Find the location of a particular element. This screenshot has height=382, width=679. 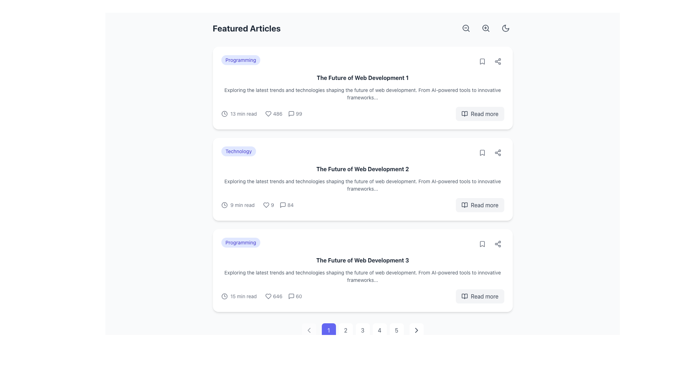

the numerical text '646' which is displayed in a small-sized, light gray font and is located to the right of the heart icon, indicating a count of likes under the content section titled 'The Future of Web Development 3' is located at coordinates (277, 296).